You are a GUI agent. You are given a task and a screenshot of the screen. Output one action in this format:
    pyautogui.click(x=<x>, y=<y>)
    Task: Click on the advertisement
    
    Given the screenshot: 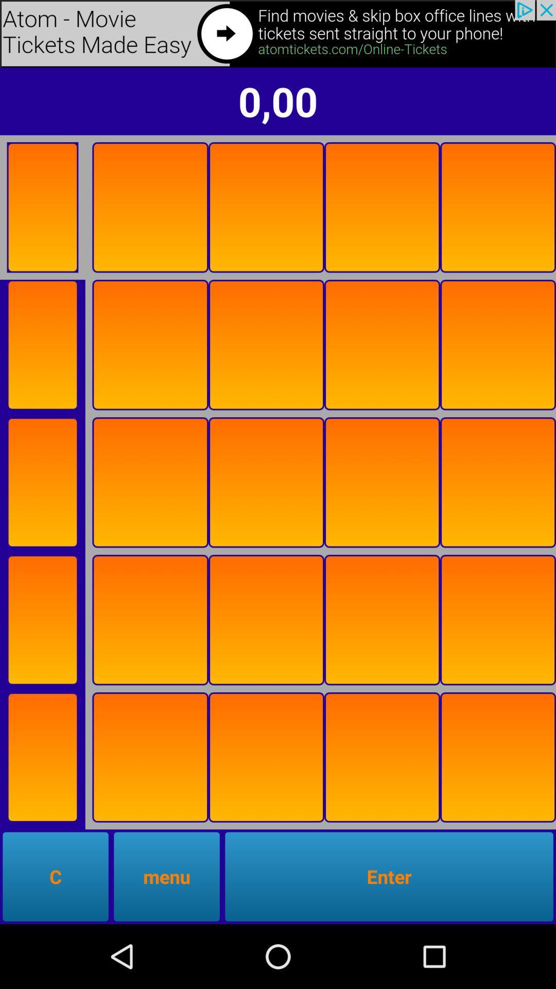 What is the action you would take?
    pyautogui.click(x=42, y=207)
    